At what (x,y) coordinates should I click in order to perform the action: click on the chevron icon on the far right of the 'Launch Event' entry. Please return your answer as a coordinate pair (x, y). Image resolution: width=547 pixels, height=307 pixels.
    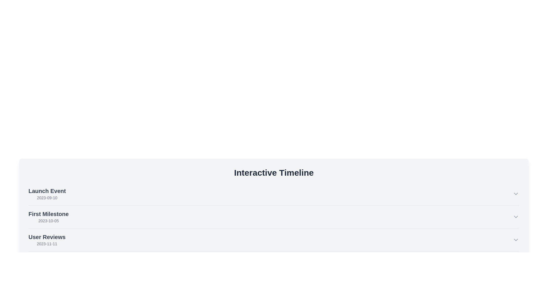
    Looking at the image, I should click on (516, 194).